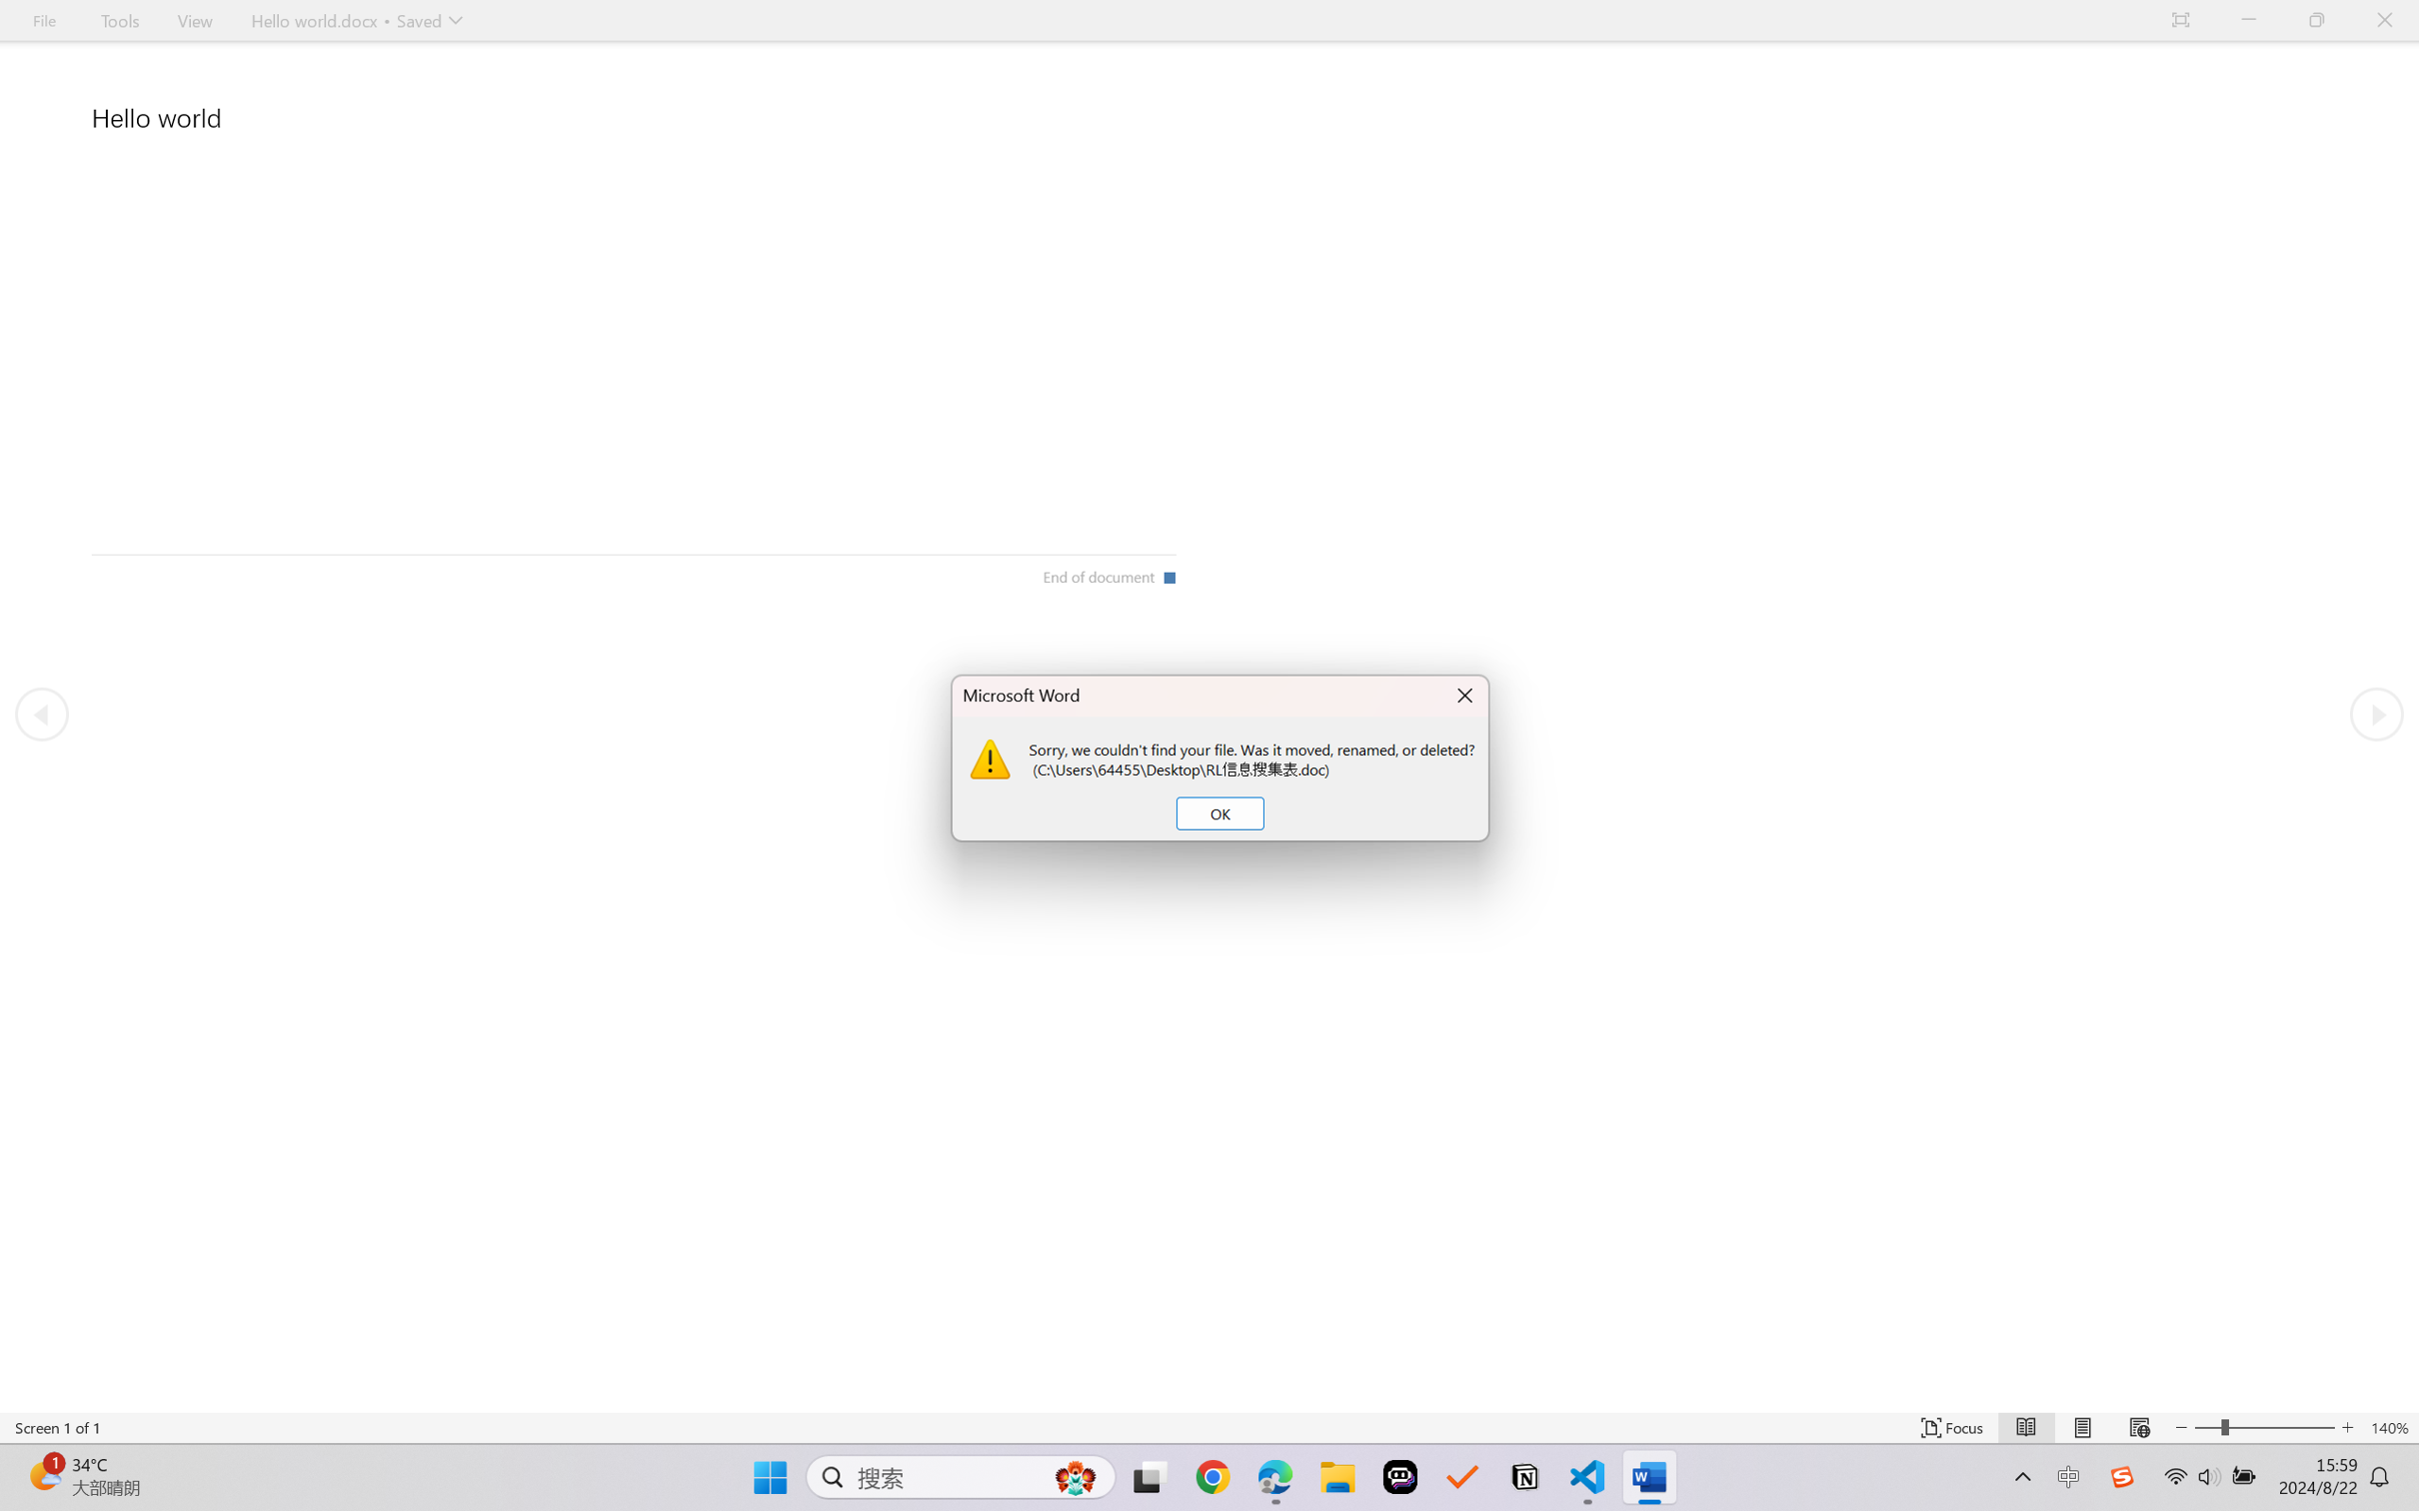 This screenshot has height=1511, width=2419. I want to click on 'Increase Text Size', so click(2347, 1427).